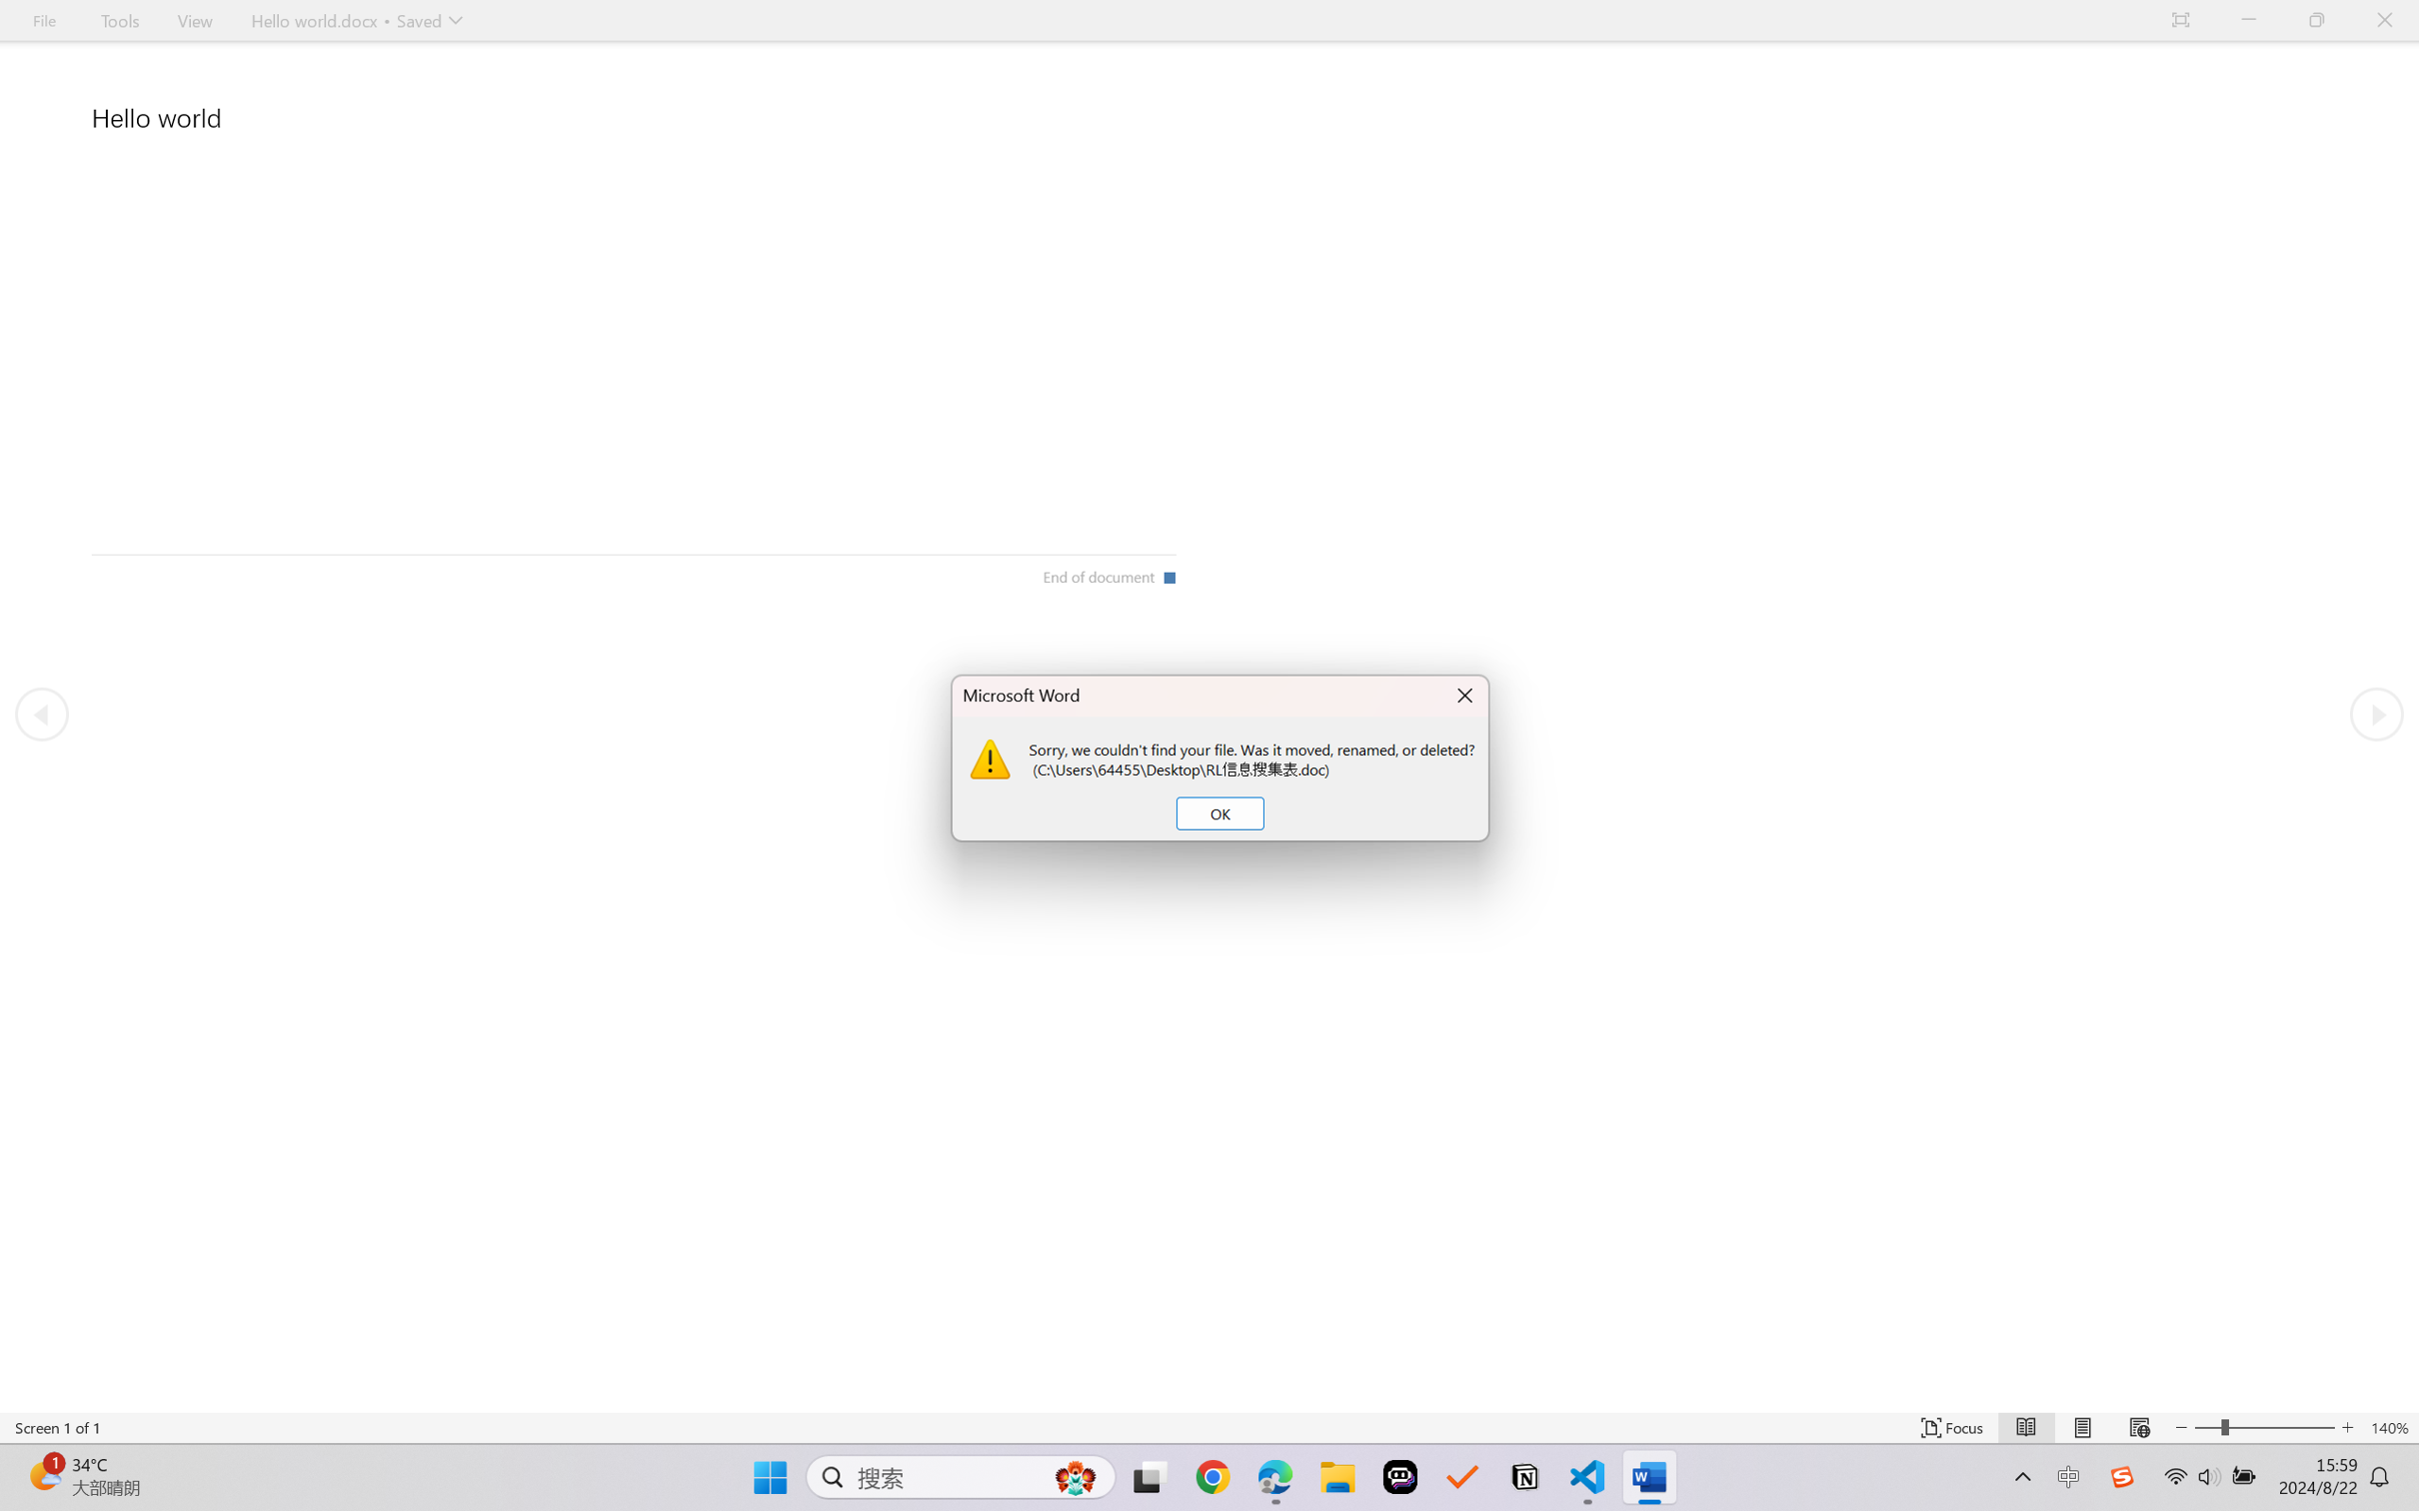 This screenshot has height=1511, width=2419. I want to click on 'Increase Text Size', so click(2347, 1427).